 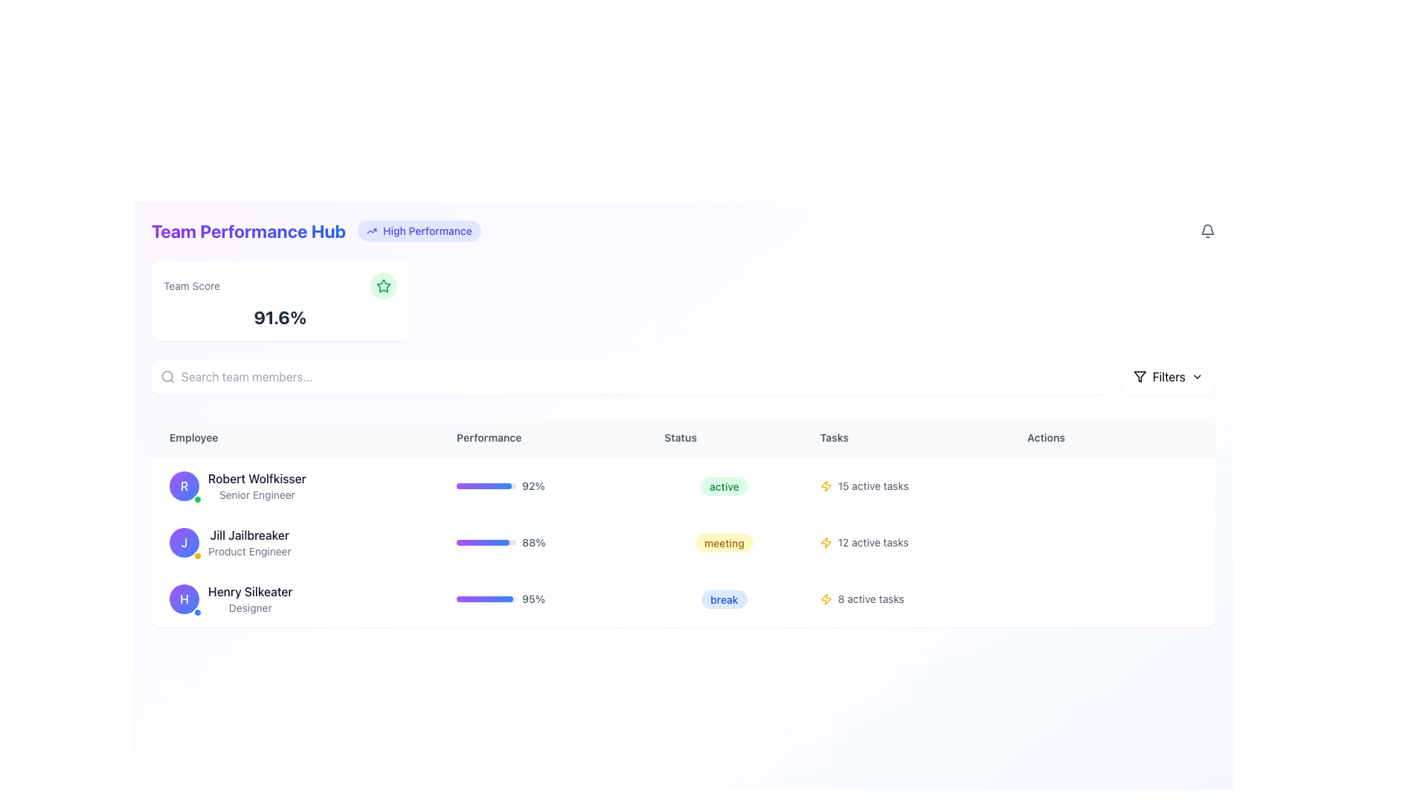 I want to click on the status indicator representing 'High Performance' located to the right of 'Team Performance Hub' in the upper central region of the page, so click(x=419, y=231).